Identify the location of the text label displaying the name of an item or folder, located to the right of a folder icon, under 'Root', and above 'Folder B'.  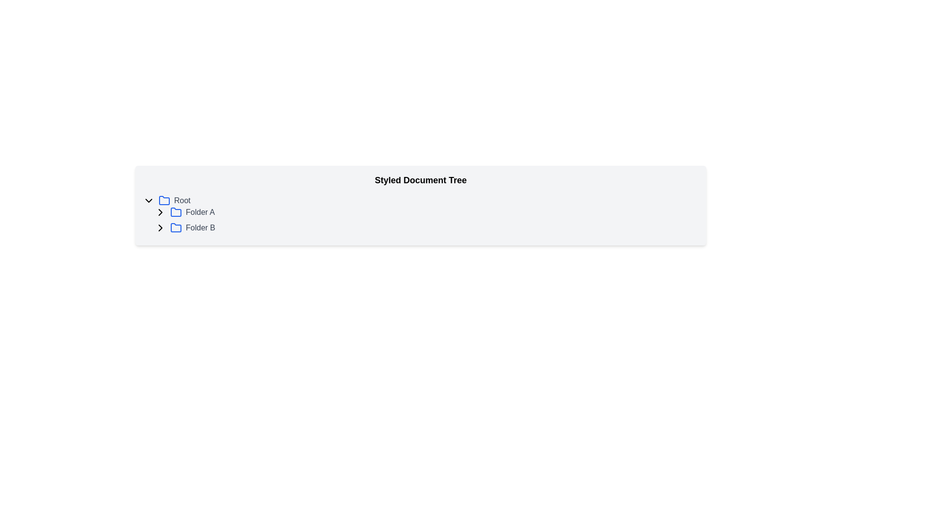
(199, 211).